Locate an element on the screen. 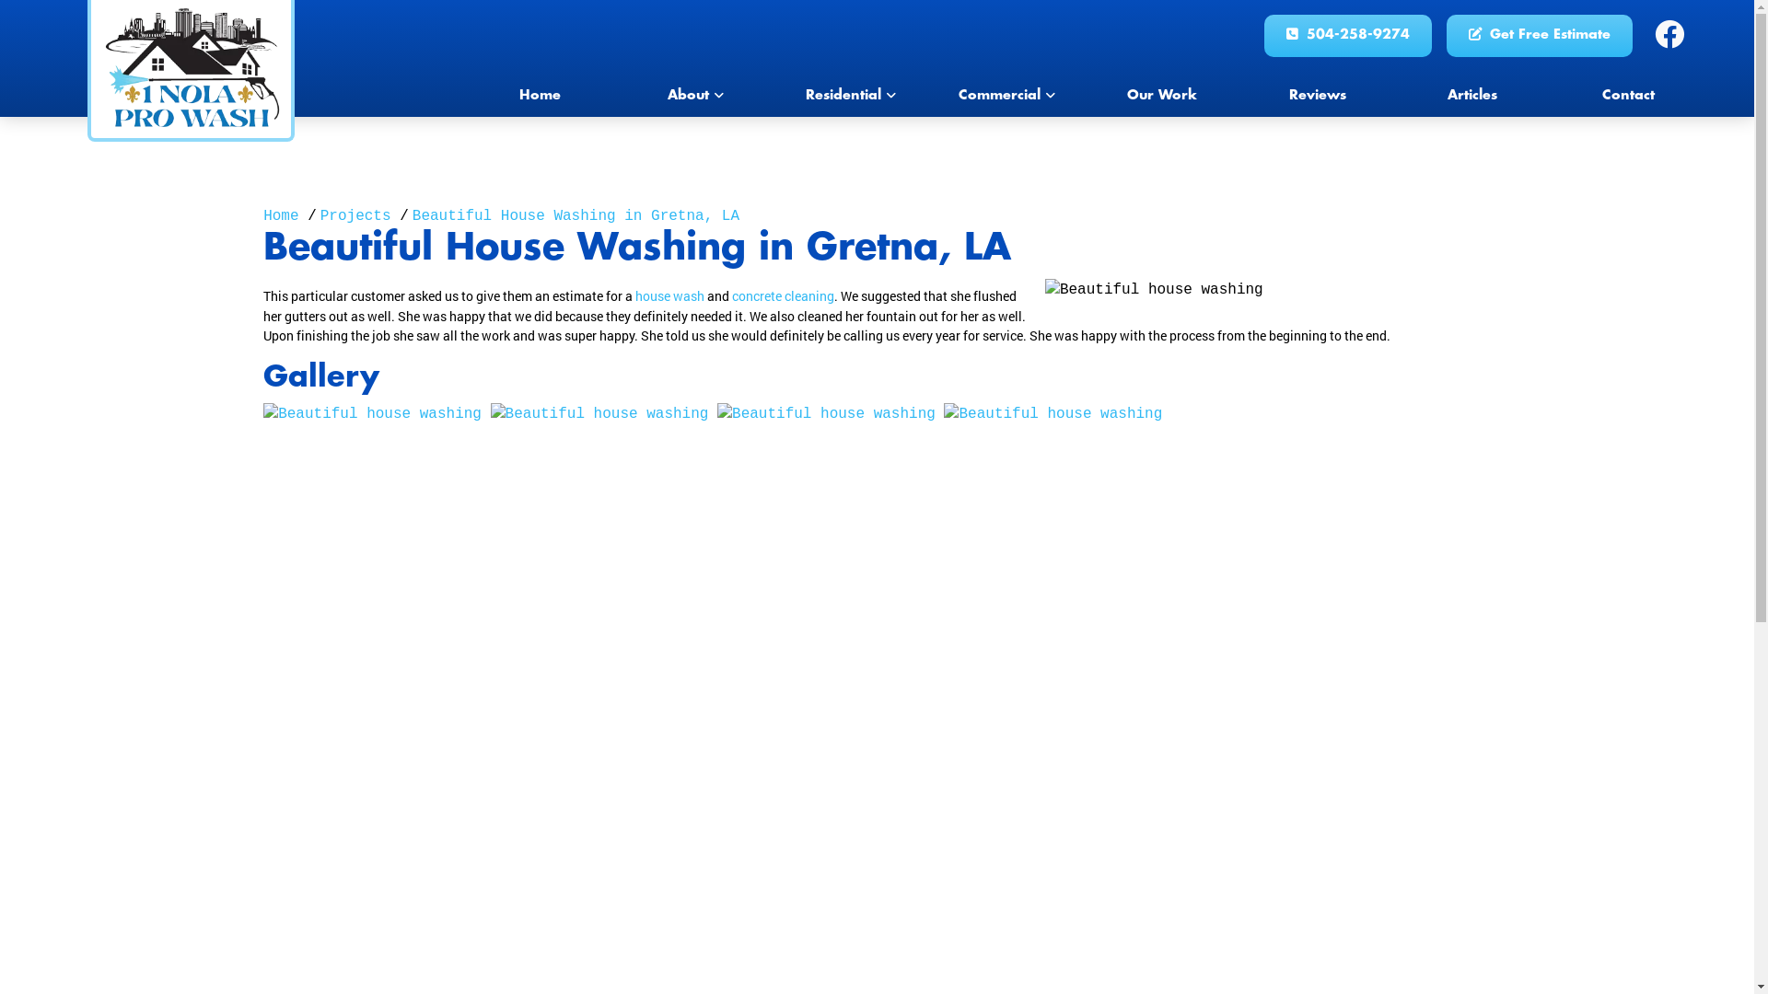 The image size is (1768, 994). 'Residential' is located at coordinates (850, 96).